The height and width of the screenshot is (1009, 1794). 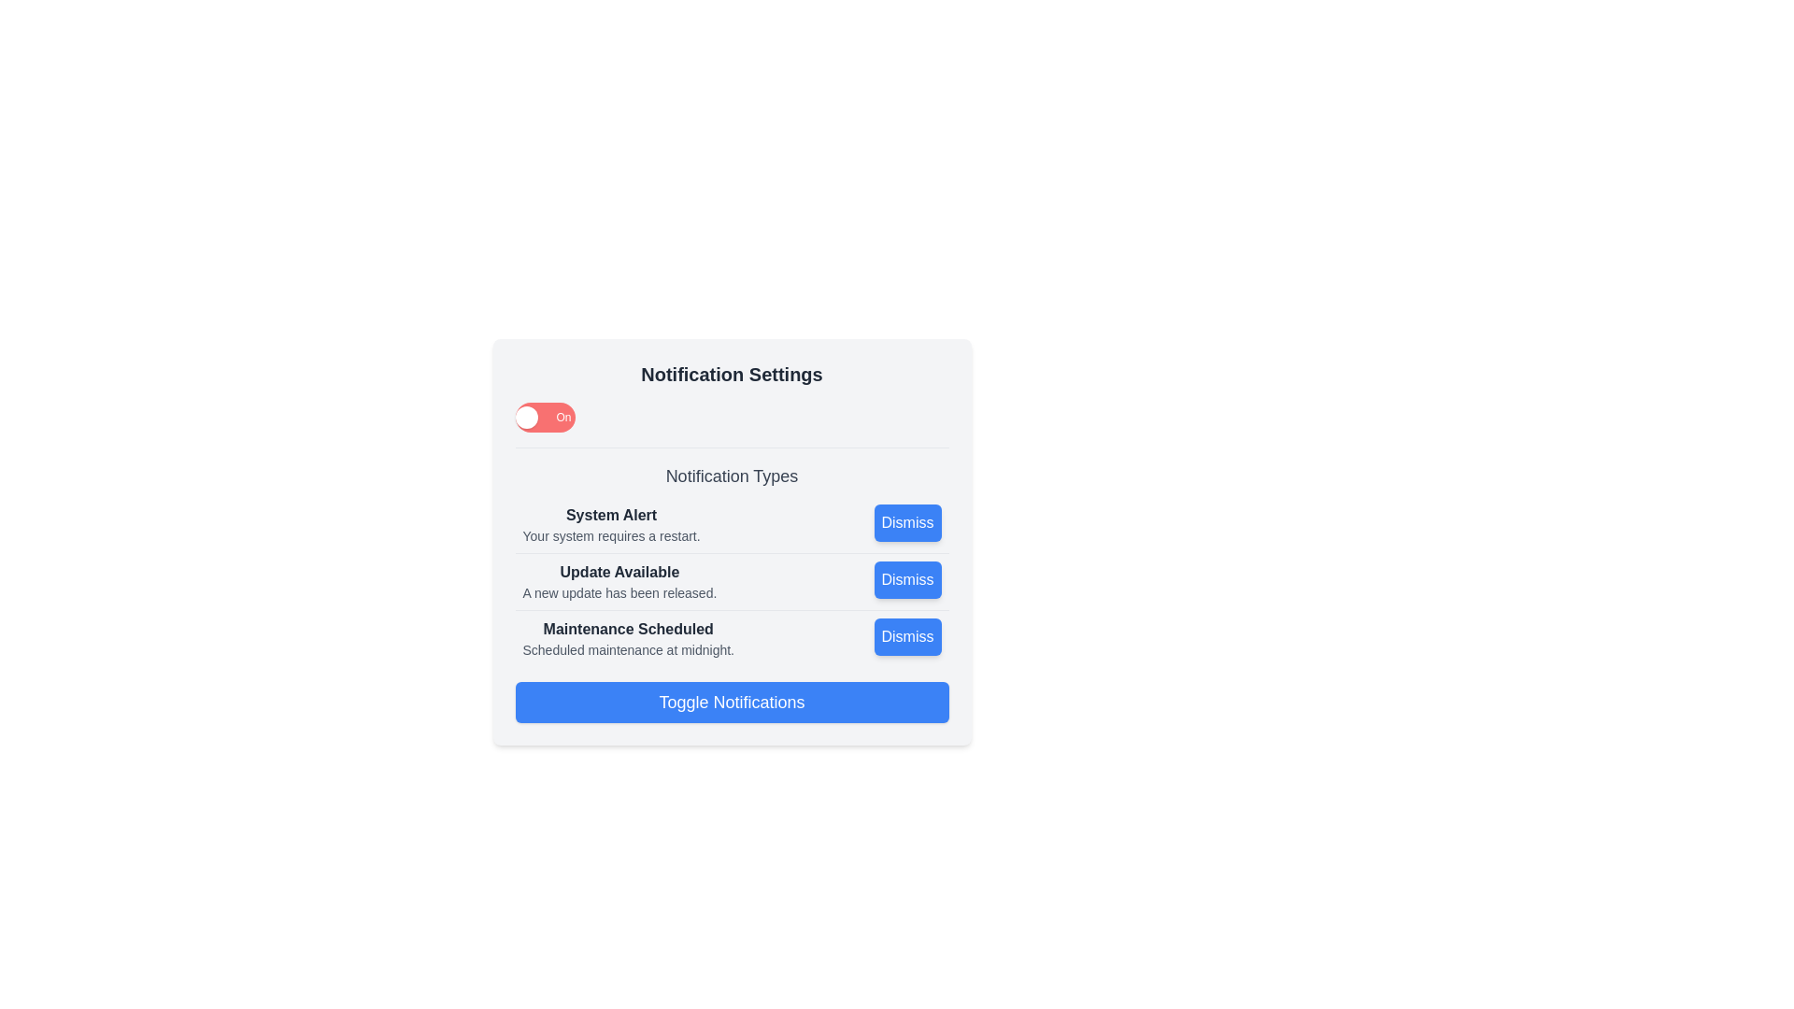 I want to click on the dismiss button located on the far right of the 'System Alert' notification row, so click(x=907, y=522).